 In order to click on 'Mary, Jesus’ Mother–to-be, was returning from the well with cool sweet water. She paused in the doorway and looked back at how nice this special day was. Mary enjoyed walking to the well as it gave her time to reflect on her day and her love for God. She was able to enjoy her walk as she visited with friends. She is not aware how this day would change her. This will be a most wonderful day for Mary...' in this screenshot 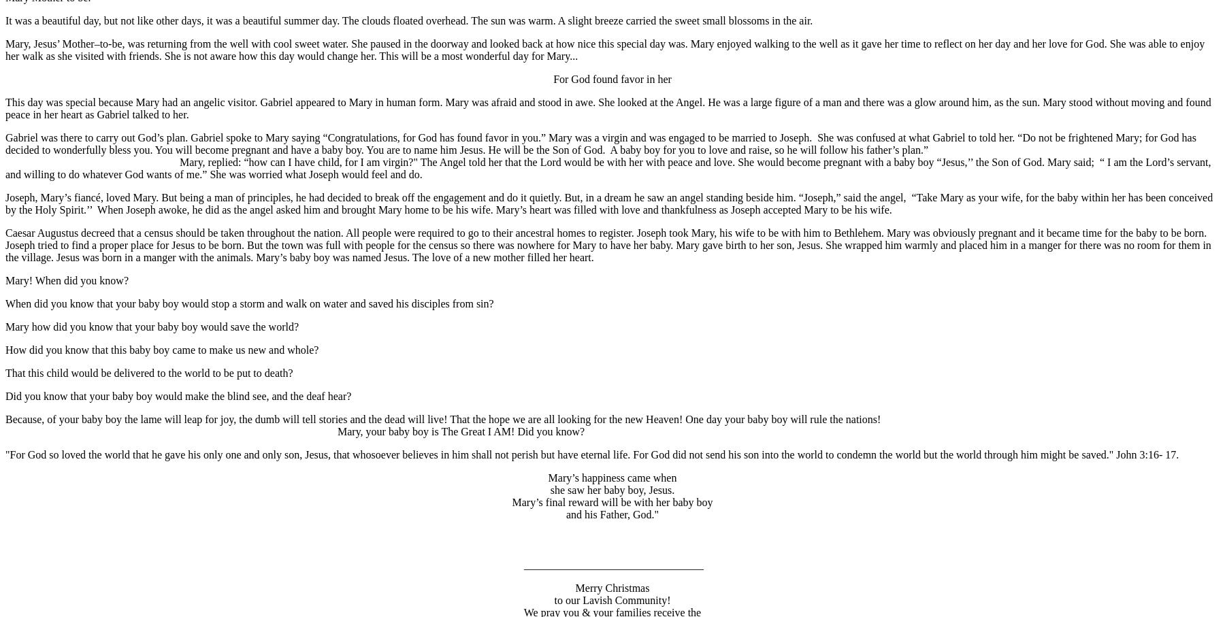, I will do `click(4, 49)`.